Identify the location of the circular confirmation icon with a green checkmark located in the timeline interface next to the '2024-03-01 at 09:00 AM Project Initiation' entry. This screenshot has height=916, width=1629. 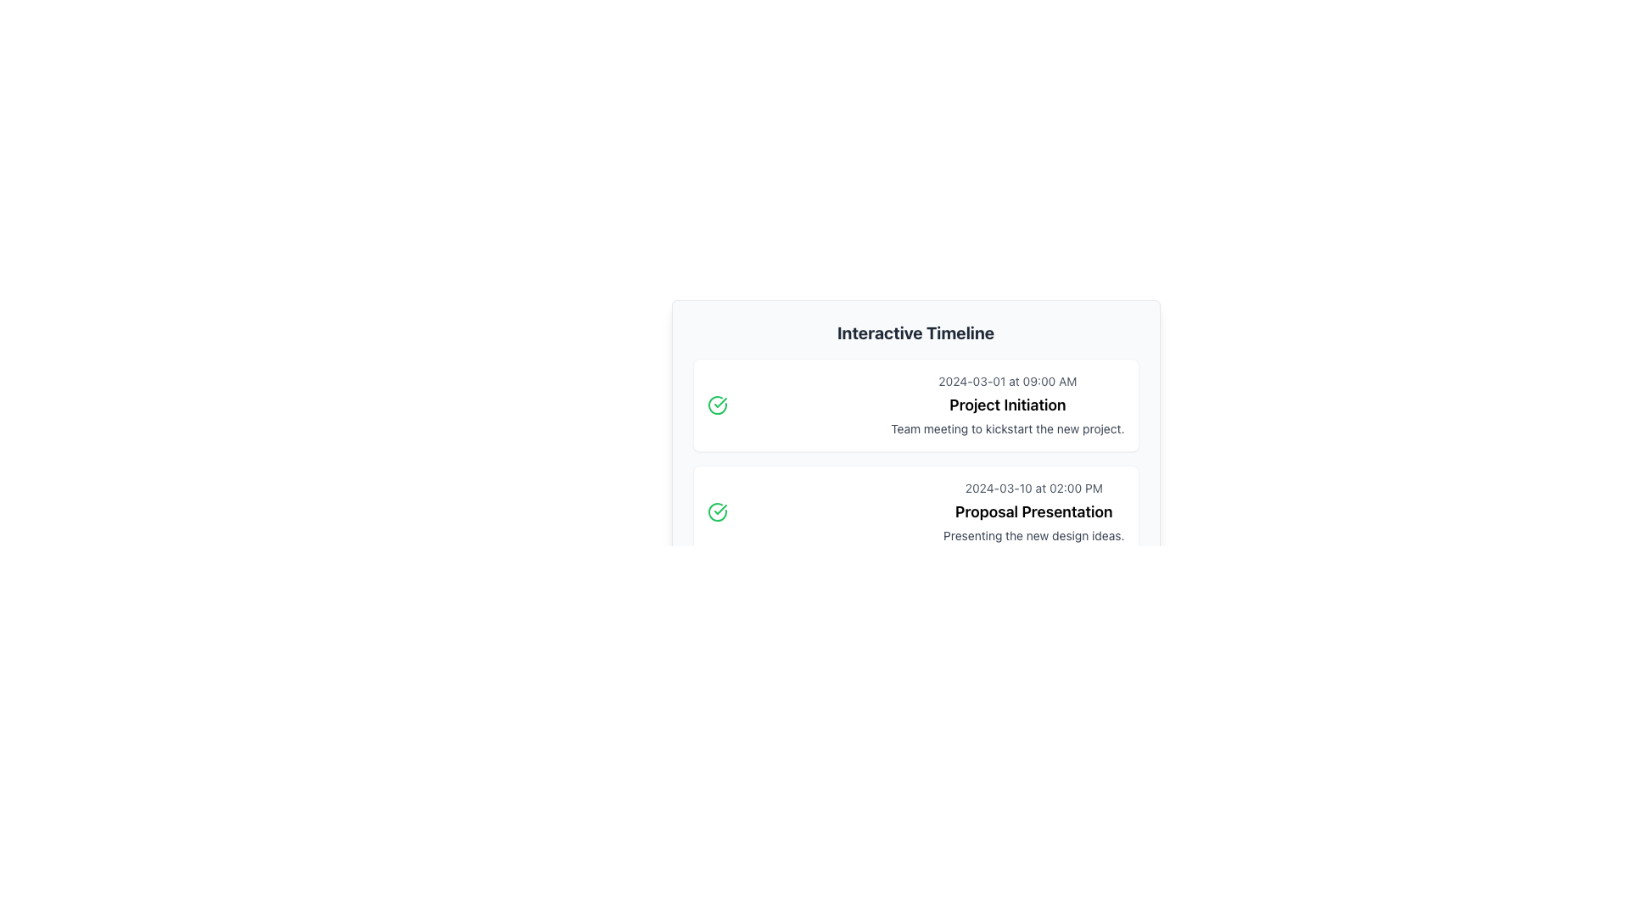
(717, 511).